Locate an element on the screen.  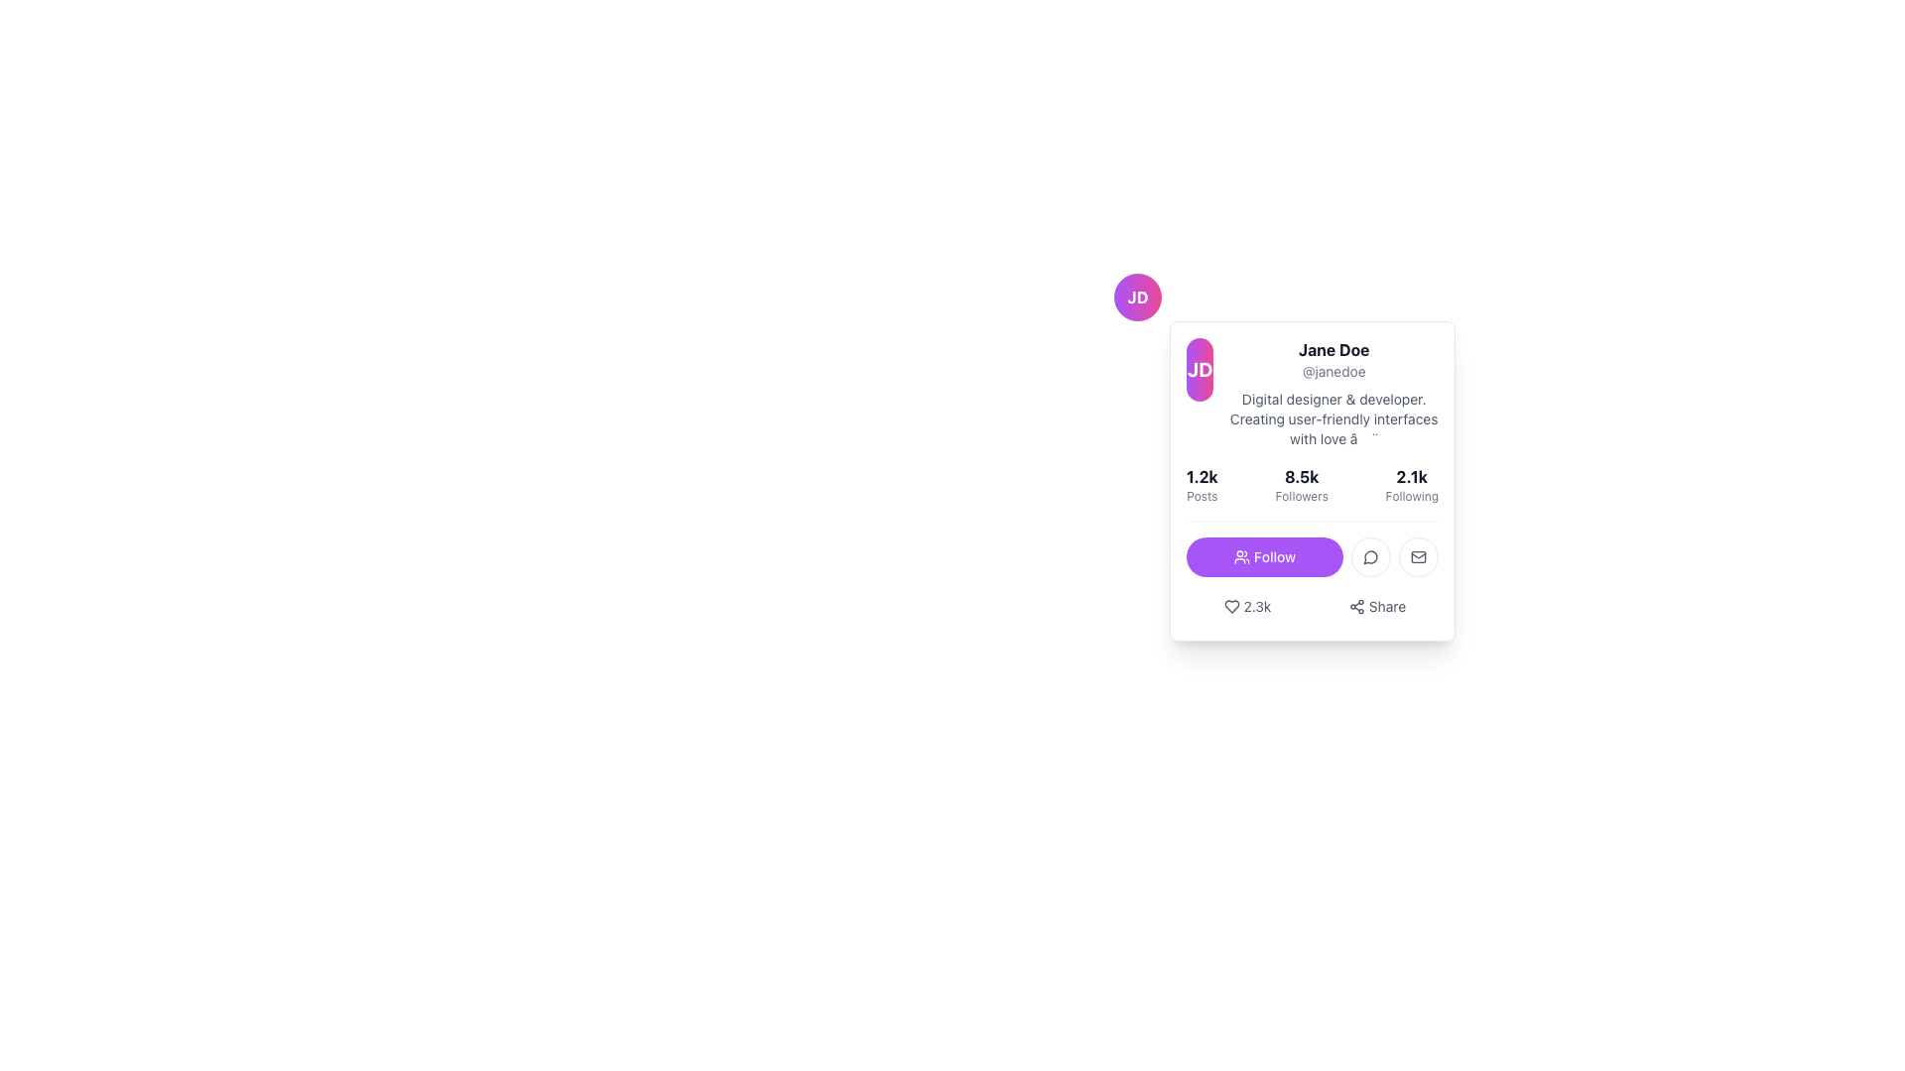
text content of the information display element that shows the number of accounts the user is following, located in the third section of the stats group near the bottom of the user card is located at coordinates (1411, 485).